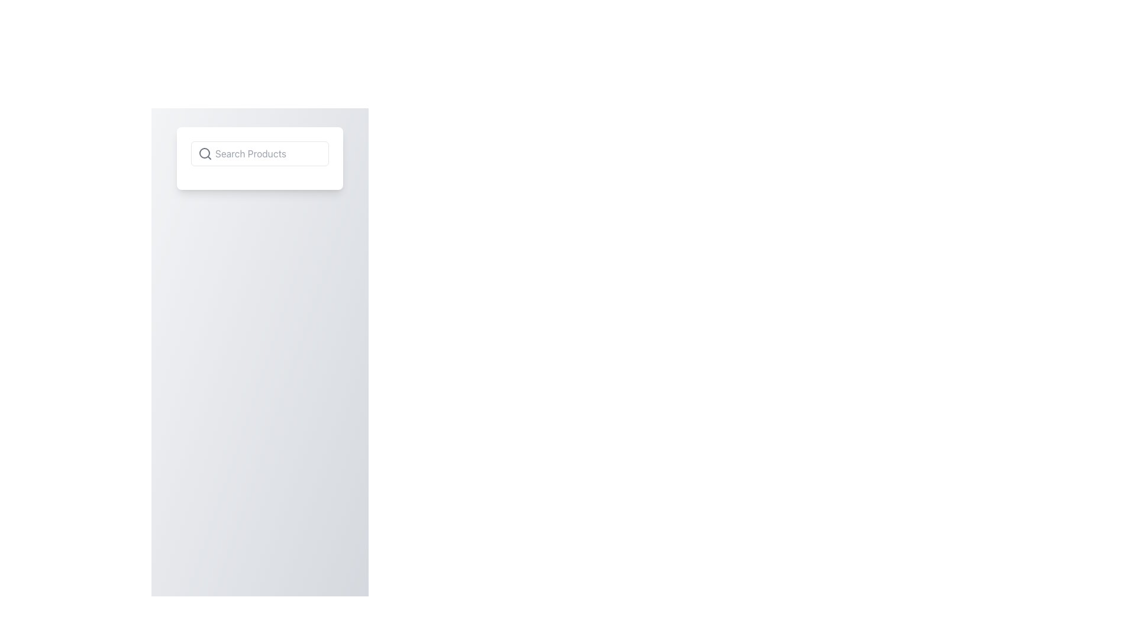 This screenshot has height=639, width=1136. Describe the element at coordinates (205, 153) in the screenshot. I see `the input field associated with the magnifying glass icon, which serves as a visual representation of the search functionality` at that location.